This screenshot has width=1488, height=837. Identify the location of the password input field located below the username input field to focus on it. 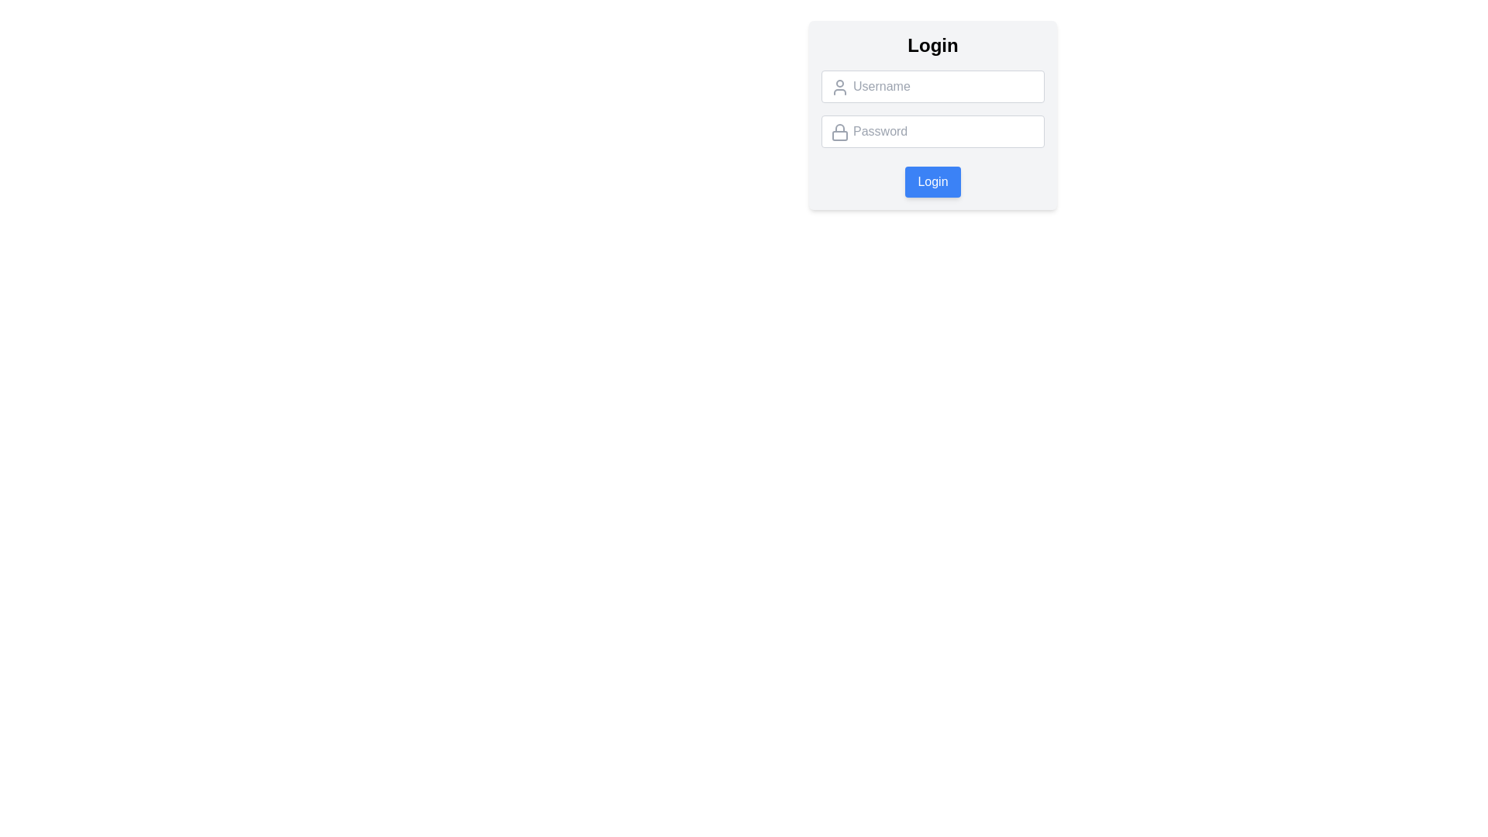
(932, 130).